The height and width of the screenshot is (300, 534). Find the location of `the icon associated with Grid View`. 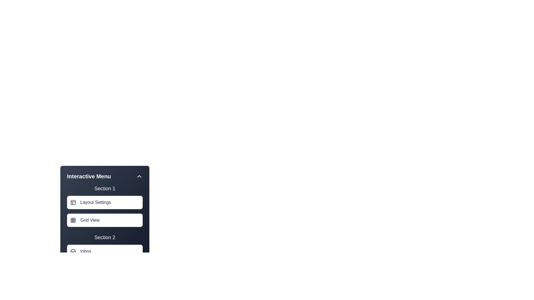

the icon associated with Grid View is located at coordinates (73, 220).